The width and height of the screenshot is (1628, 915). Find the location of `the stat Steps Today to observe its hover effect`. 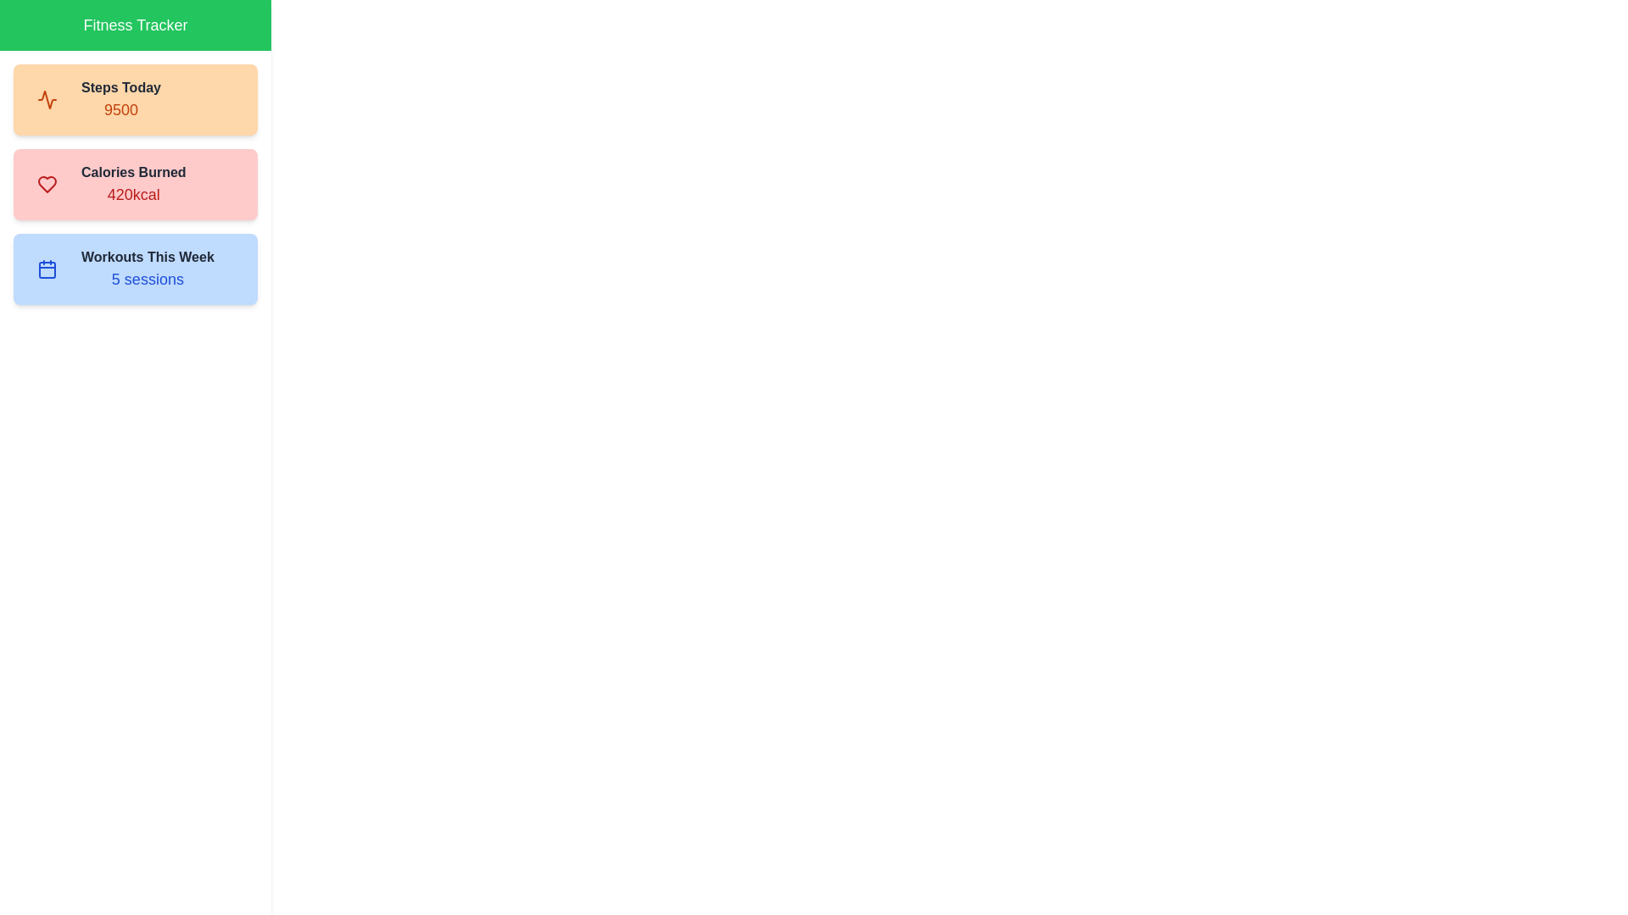

the stat Steps Today to observe its hover effect is located at coordinates (134, 100).